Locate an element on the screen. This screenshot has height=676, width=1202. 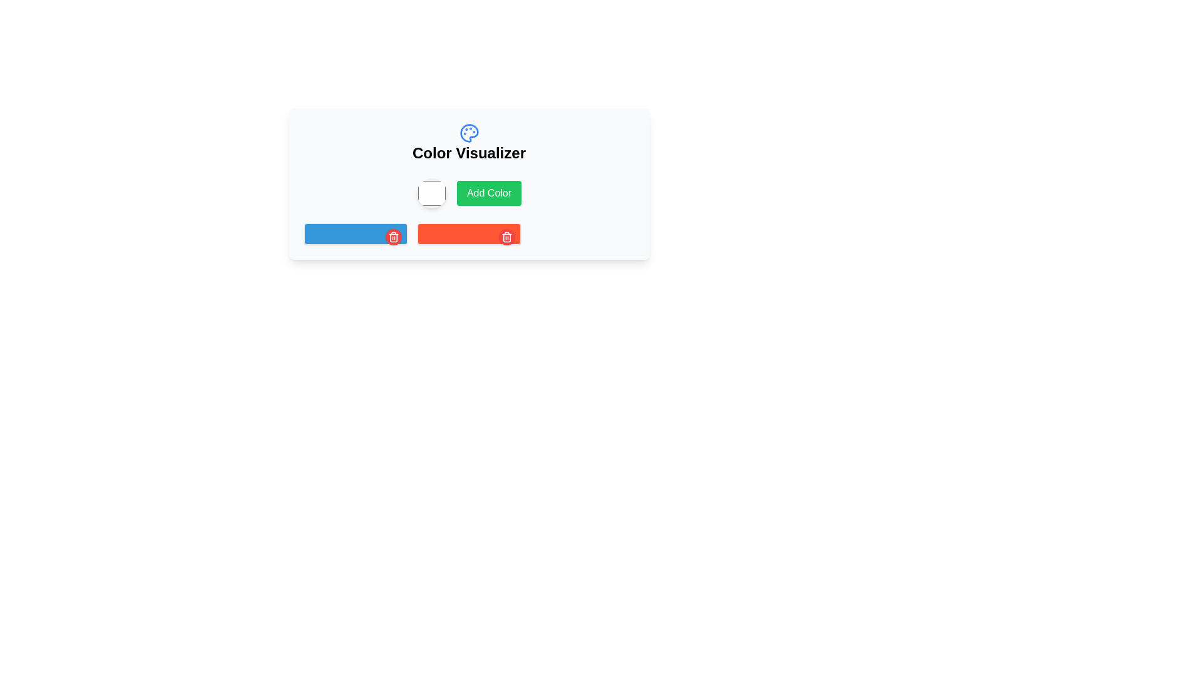
the delete button located at the top-right corner of the red rectangular button to observe any hover effects is located at coordinates (507, 237).